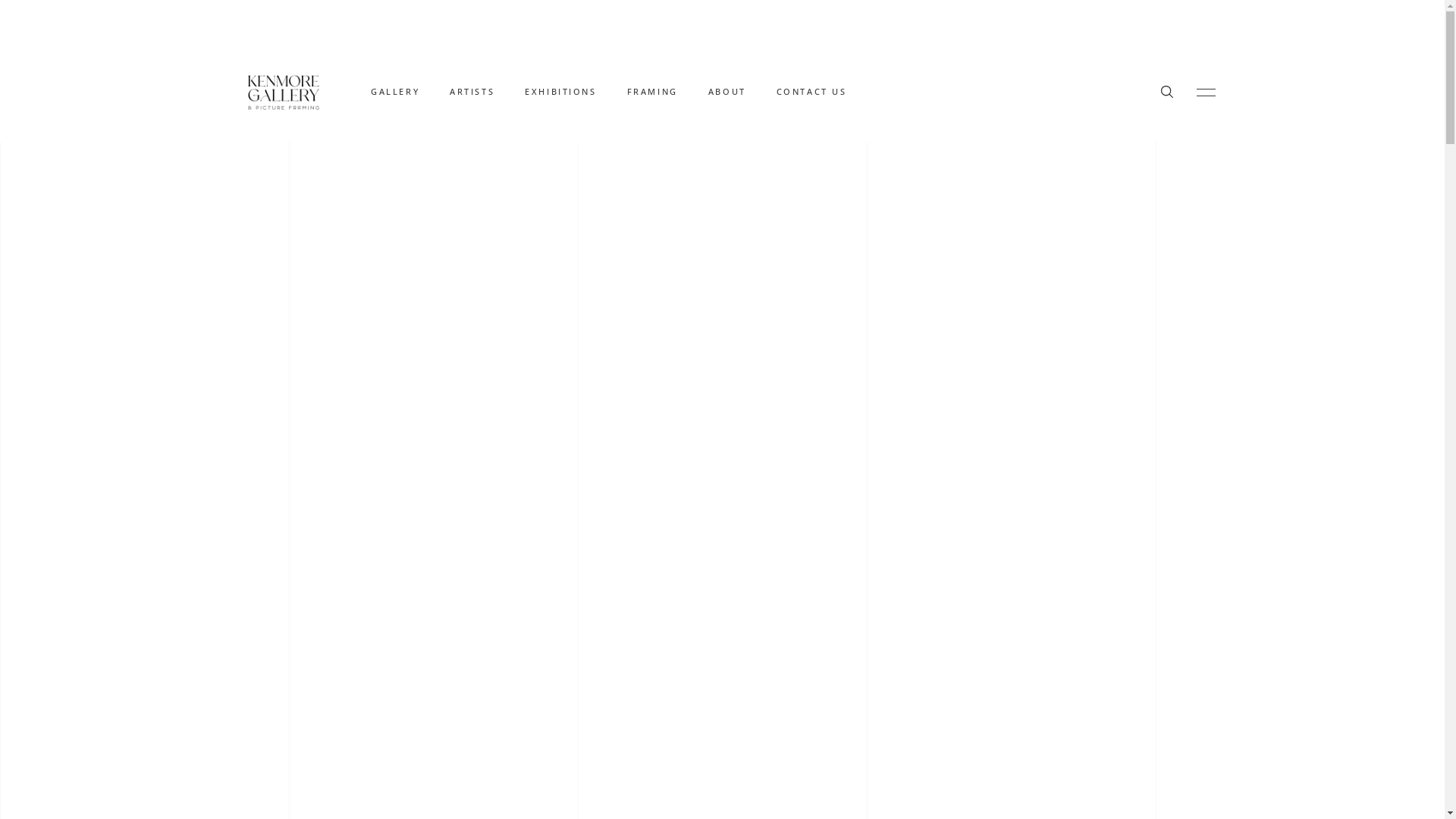  What do you see at coordinates (652, 91) in the screenshot?
I see `'FRAMING'` at bounding box center [652, 91].